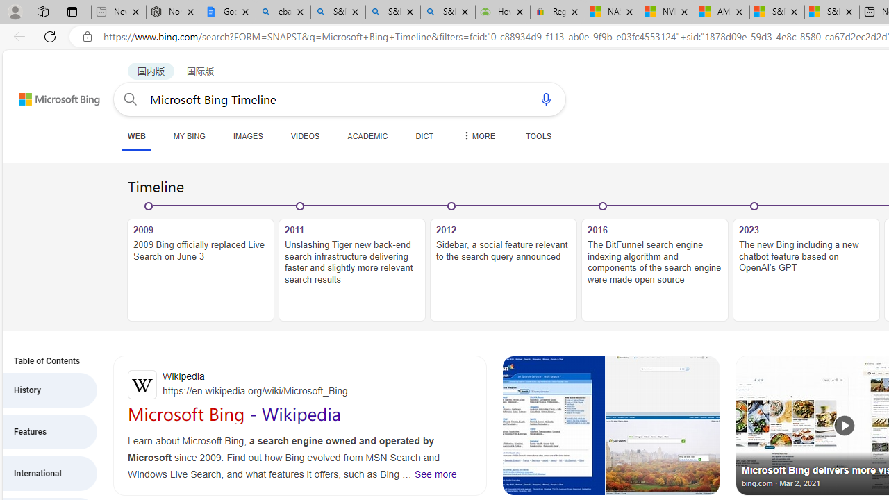 Image resolution: width=889 pixels, height=500 pixels. I want to click on 'DICT', so click(424, 135).